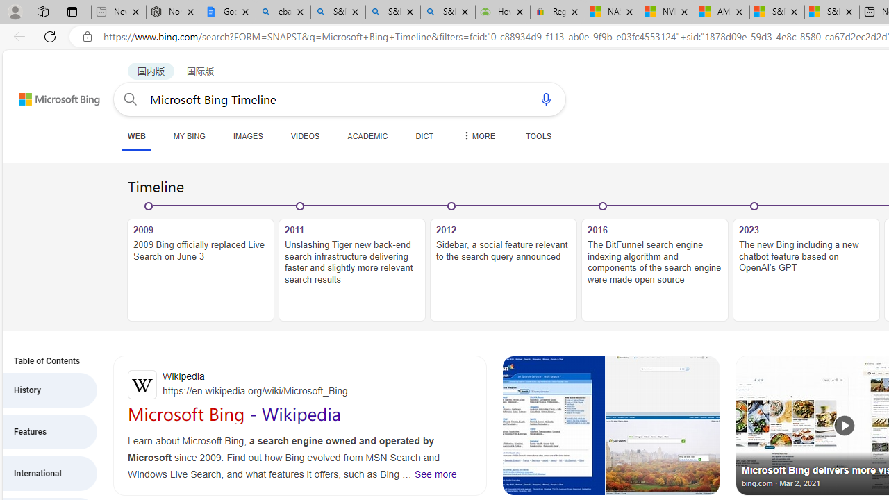 Image resolution: width=889 pixels, height=500 pixels. I want to click on 'DICT', so click(424, 135).